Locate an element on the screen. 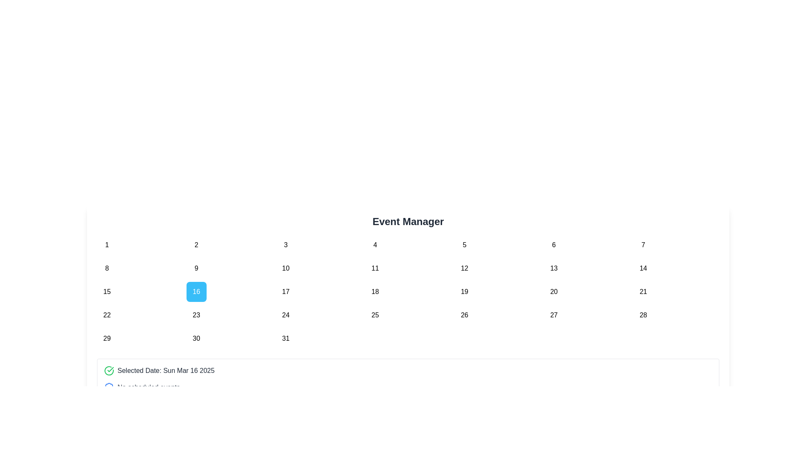 The height and width of the screenshot is (451, 803). the button representing a selectable date in the calendar interface, located in the fourth row and sixth position is located at coordinates (554, 291).